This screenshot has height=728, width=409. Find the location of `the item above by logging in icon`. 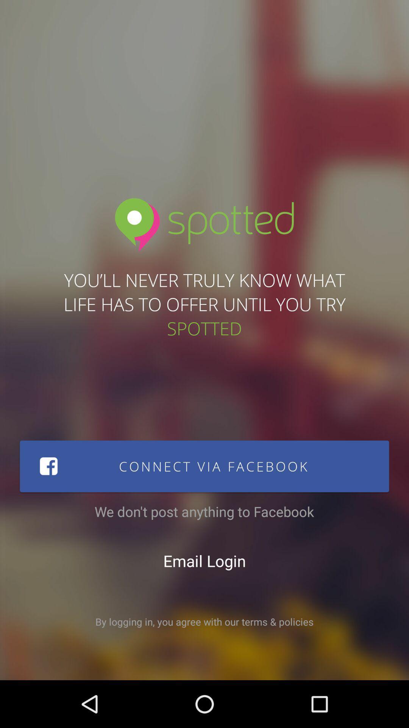

the item above by logging in icon is located at coordinates (204, 560).